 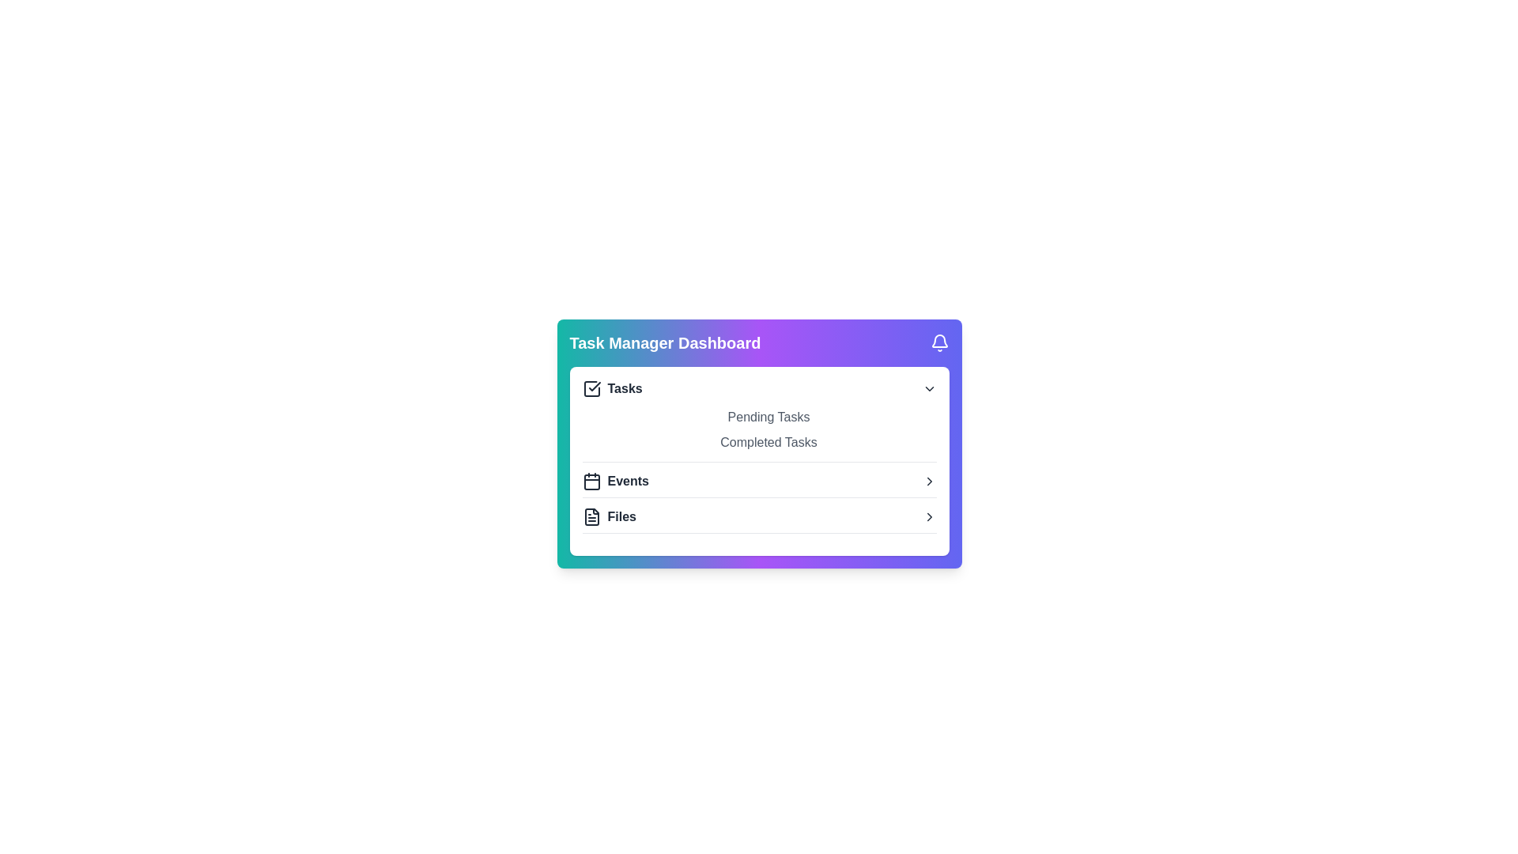 What do you see at coordinates (759, 442) in the screenshot?
I see `the 'Completed Tasks' text link in the dropdown menu` at bounding box center [759, 442].